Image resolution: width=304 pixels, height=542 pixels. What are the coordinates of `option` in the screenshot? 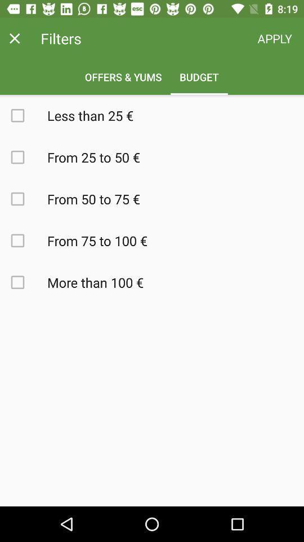 It's located at (24, 115).